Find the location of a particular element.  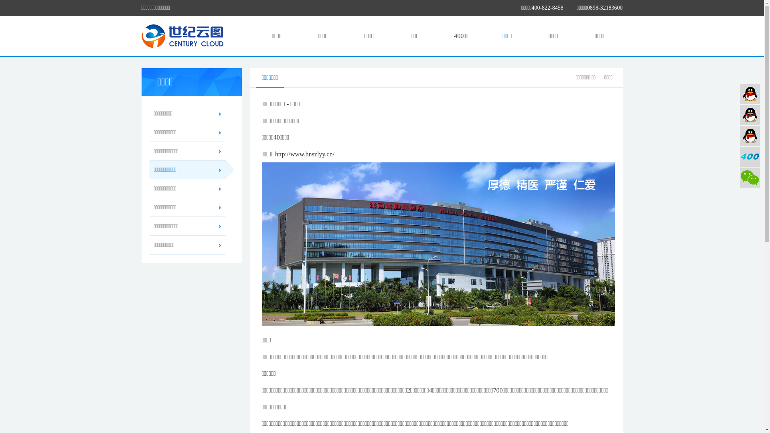

'http://www.hnszlyy.cn/' is located at coordinates (304, 154).